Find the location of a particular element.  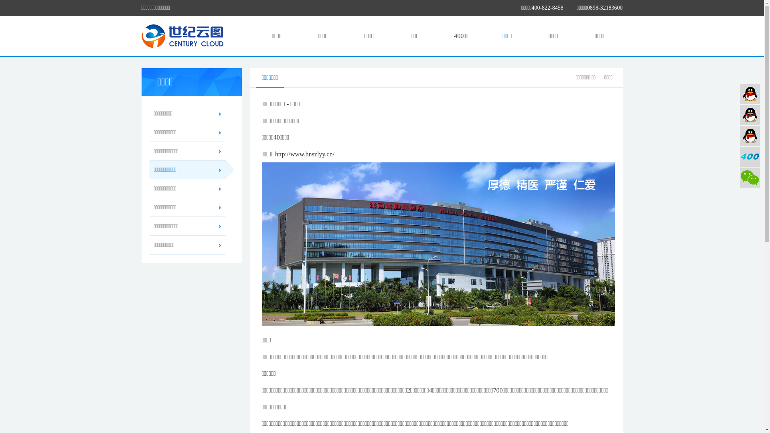

'http://www.hnszlyy.cn/' is located at coordinates (304, 154).